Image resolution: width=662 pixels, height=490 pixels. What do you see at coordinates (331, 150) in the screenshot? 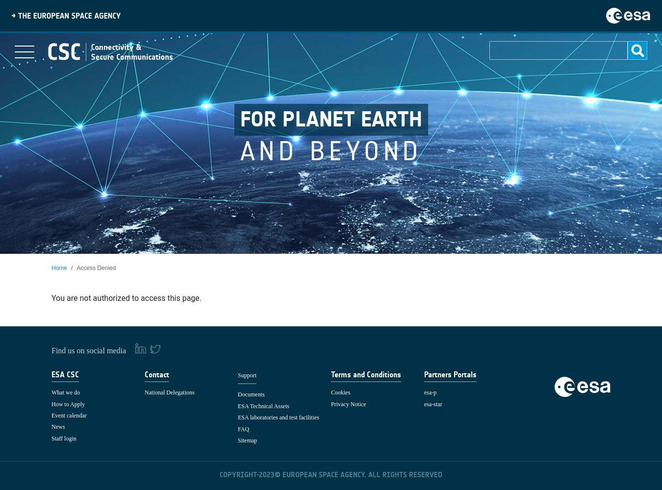
I see `'and beyond'` at bounding box center [331, 150].